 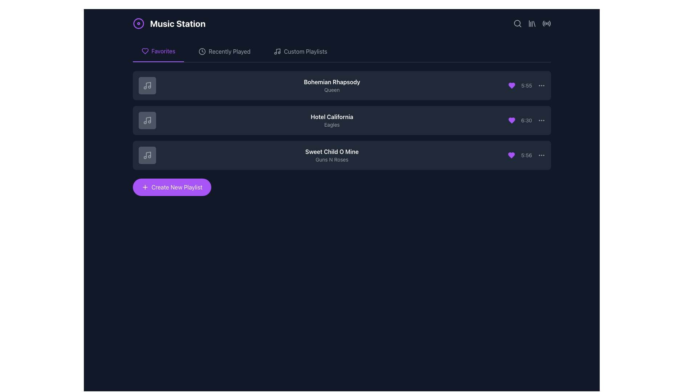 I want to click on the small circular icon consisting of three horizontally aligned dots located on the far-right edge of the second playlist row to change its color to white, so click(x=541, y=120).